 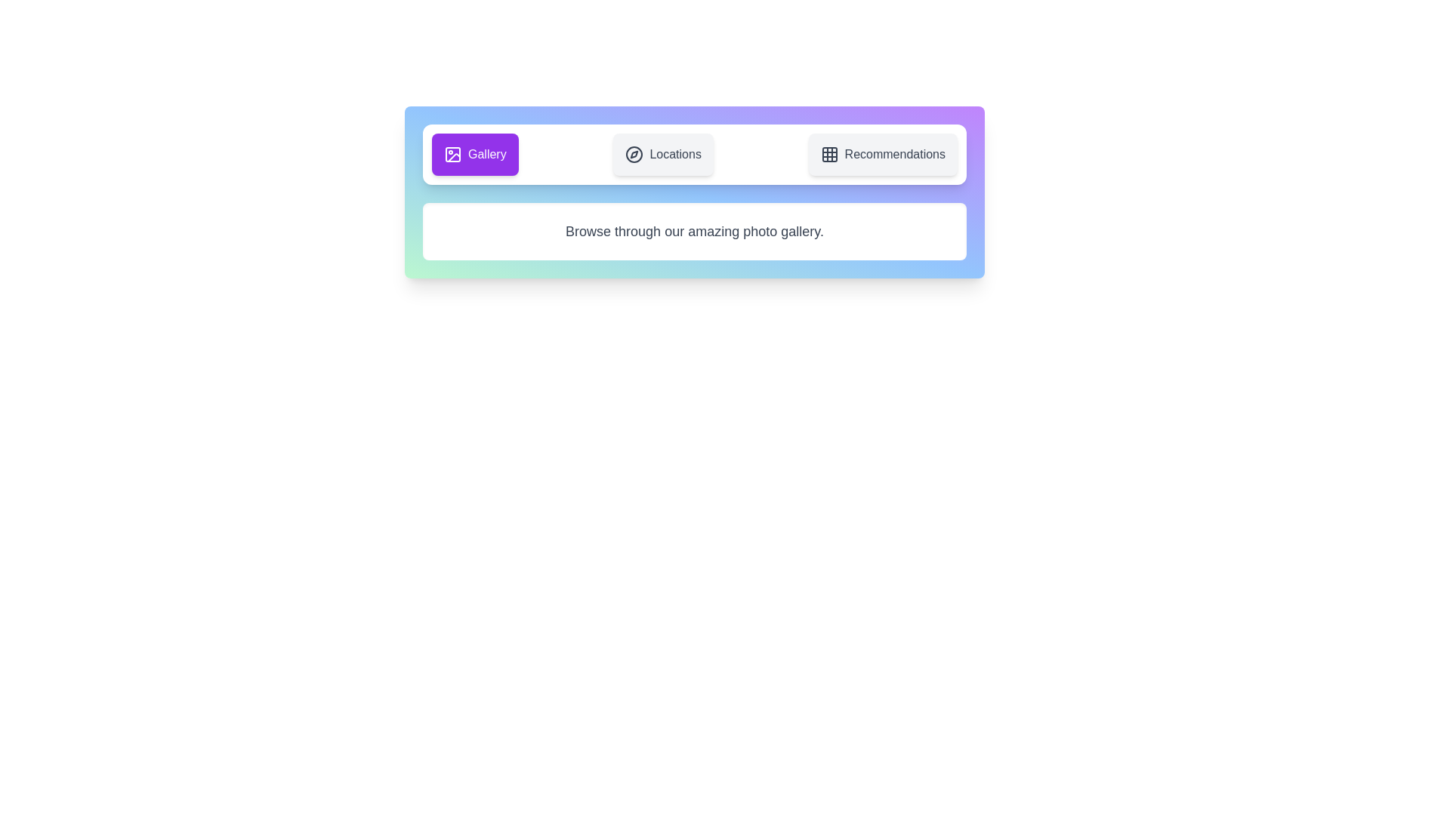 What do you see at coordinates (883, 154) in the screenshot?
I see `the tab Recommendations by clicking on it` at bounding box center [883, 154].